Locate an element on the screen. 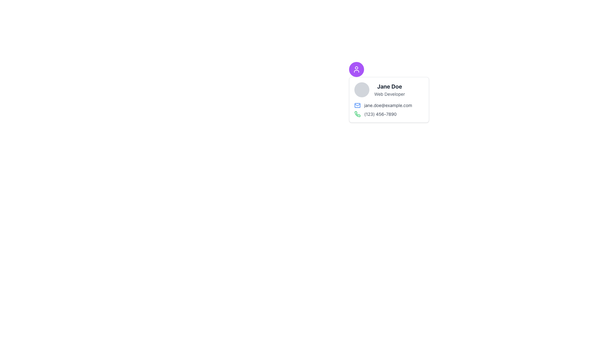 Image resolution: width=600 pixels, height=338 pixels. the email icon located to the left of the 'jane.doe@example.com' text in the right section of the profile card is located at coordinates (357, 105).